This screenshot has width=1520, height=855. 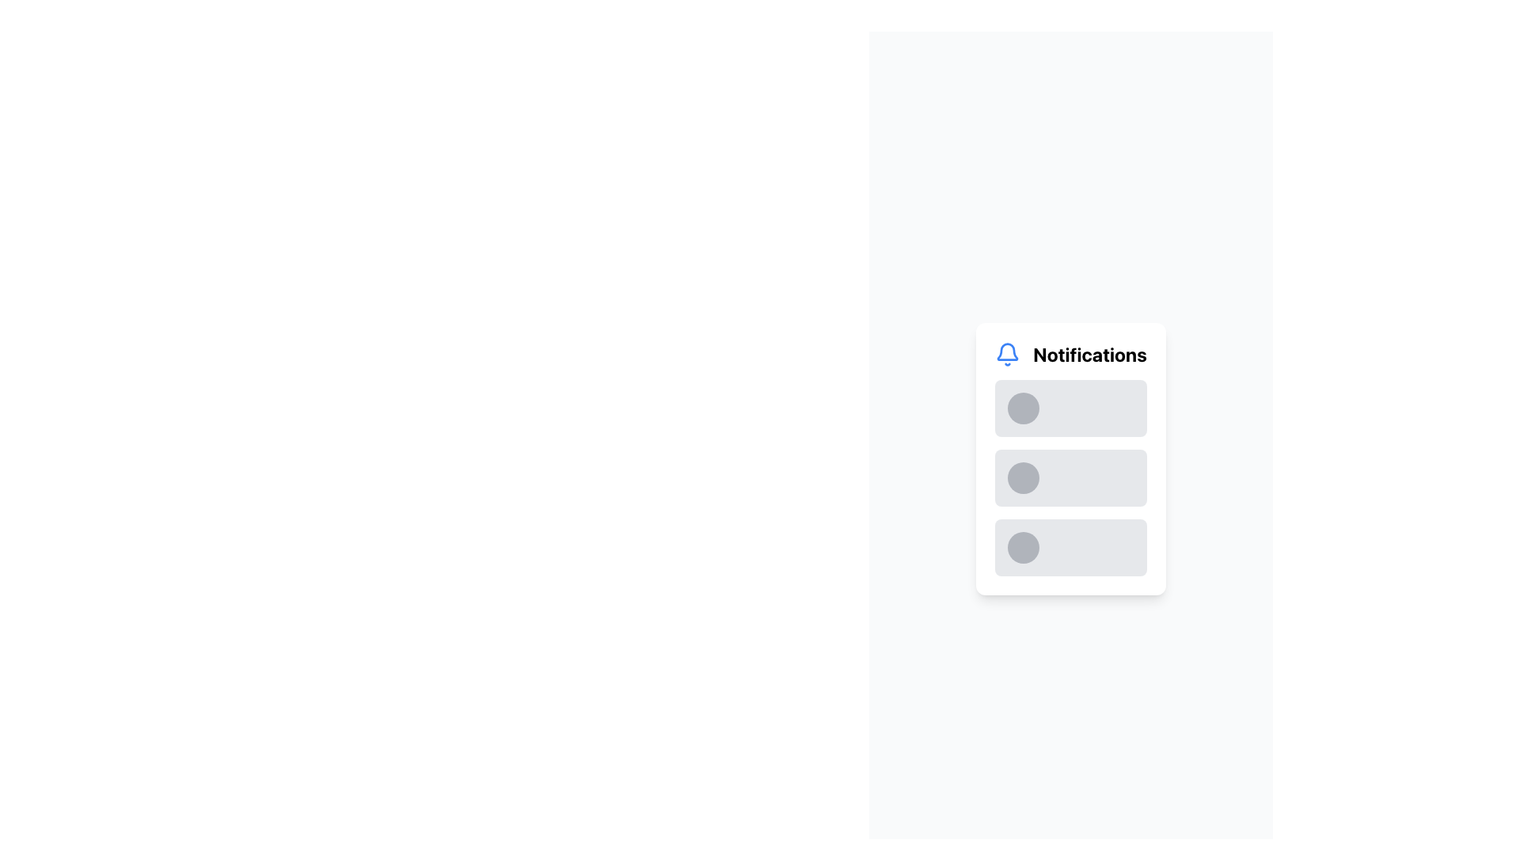 I want to click on the Placeholder or Avatar Circle located at the leftmost side of the middle notification item in a vertically stacked list, so click(x=1024, y=477).